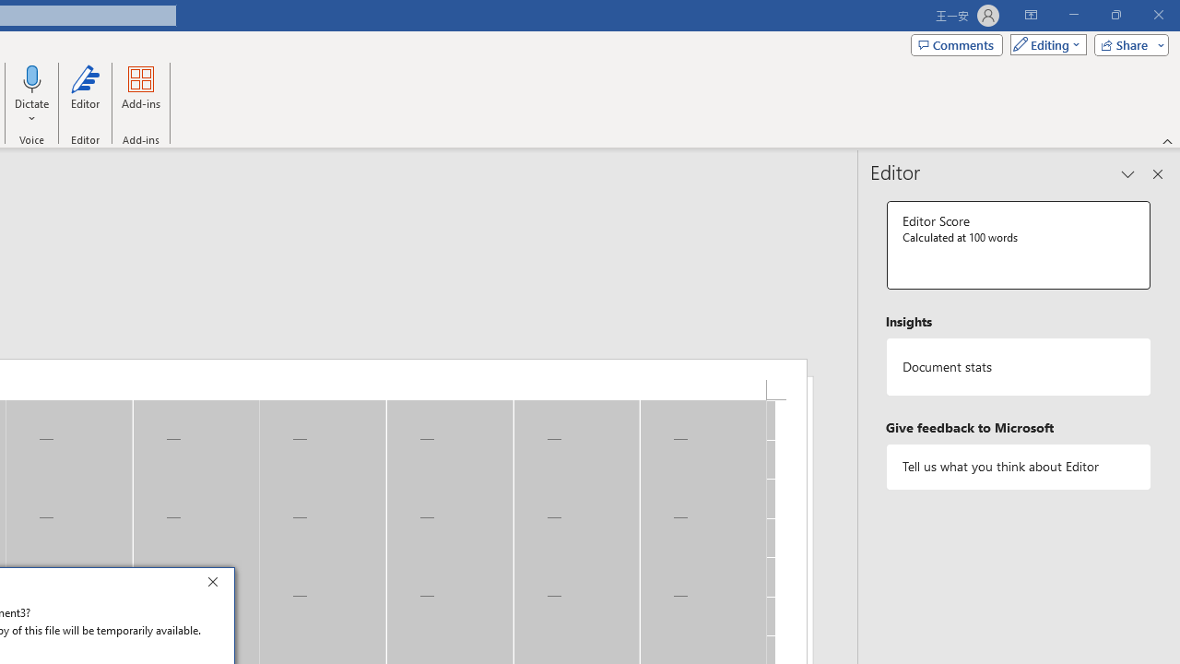  I want to click on 'Editor', so click(84, 95).